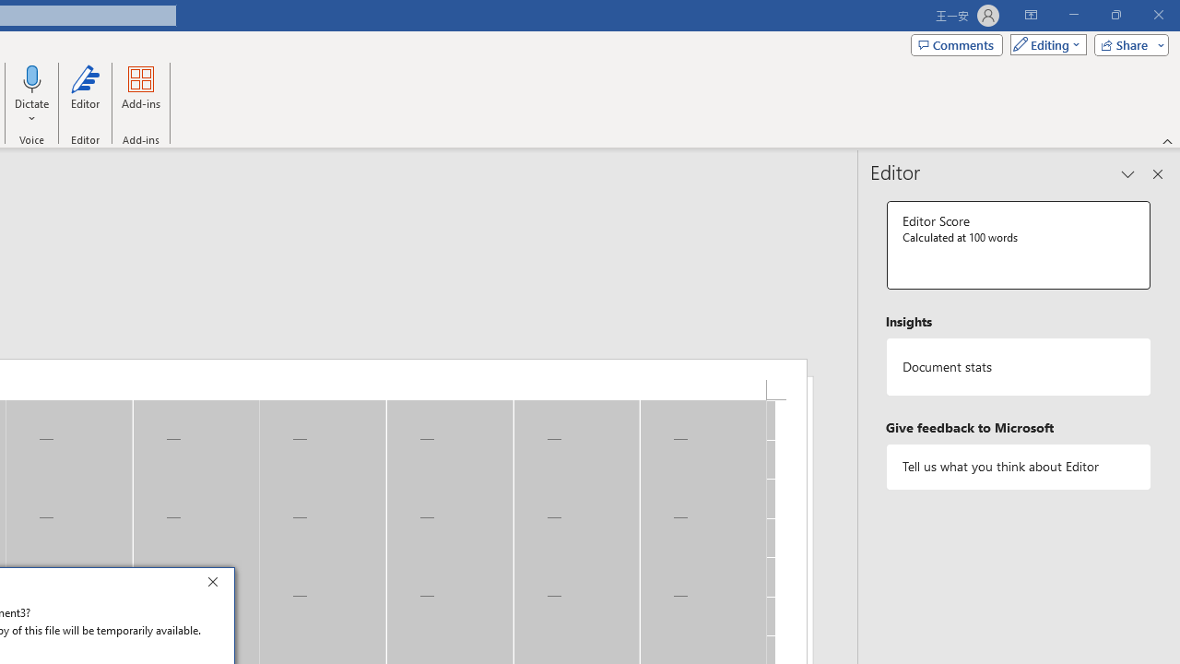  I want to click on 'Editor', so click(84, 95).